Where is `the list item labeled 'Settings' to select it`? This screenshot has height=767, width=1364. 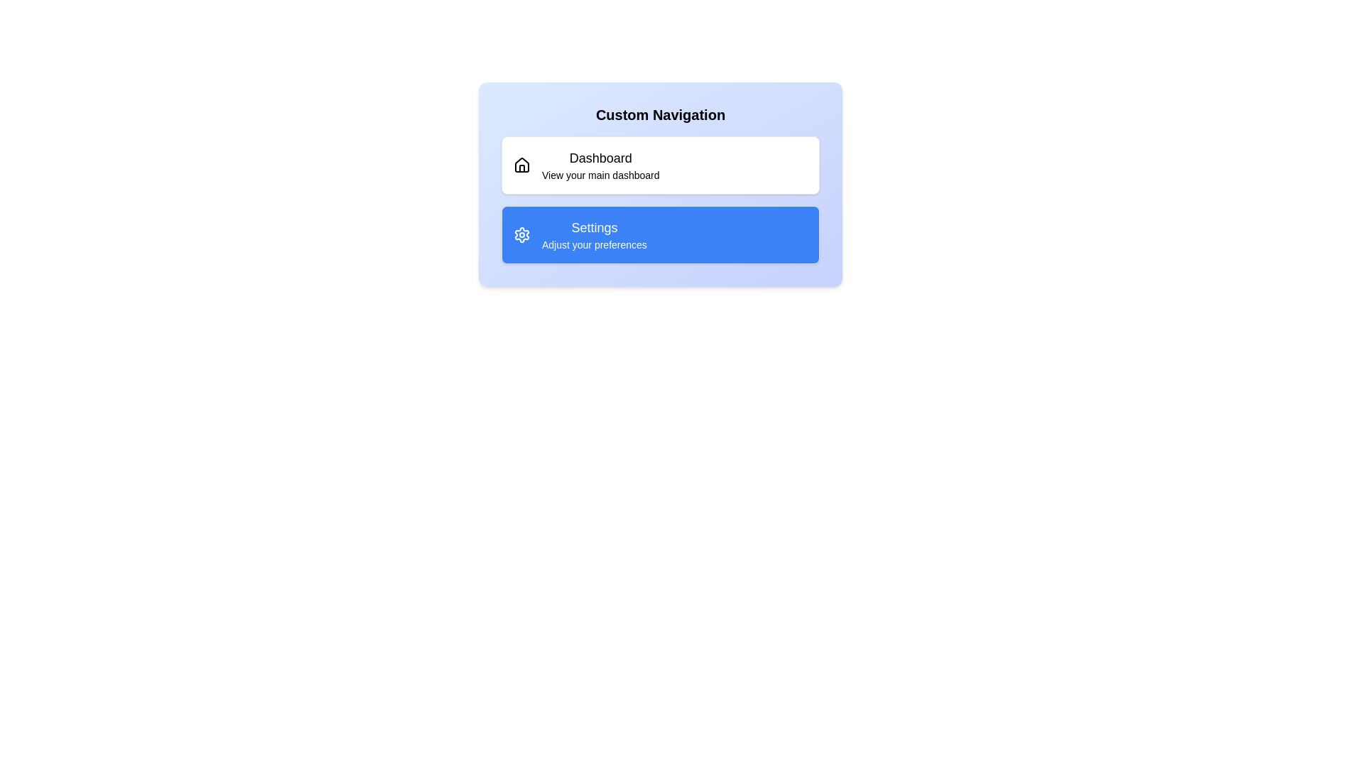
the list item labeled 'Settings' to select it is located at coordinates (660, 234).